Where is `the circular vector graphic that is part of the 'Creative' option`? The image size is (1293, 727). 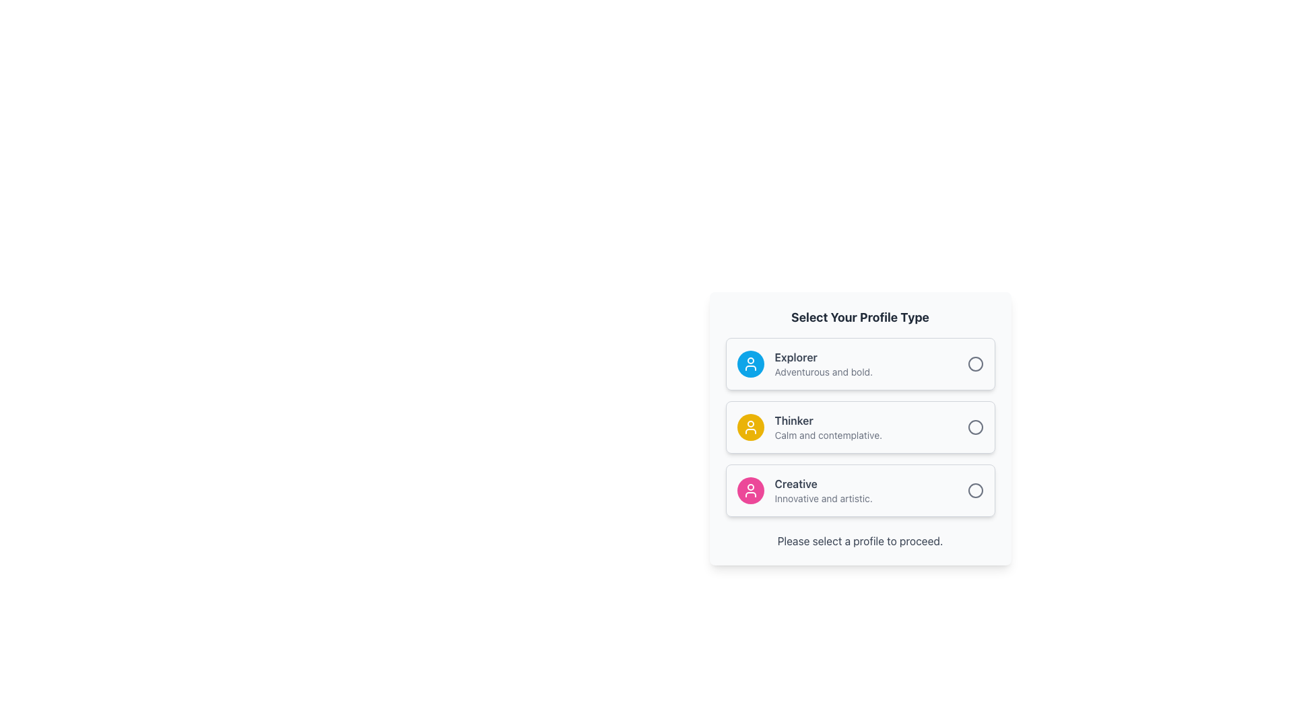
the circular vector graphic that is part of the 'Creative' option is located at coordinates (975, 491).